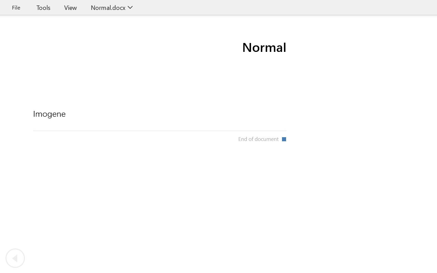 Image resolution: width=437 pixels, height=273 pixels. I want to click on 'Tools', so click(43, 7).